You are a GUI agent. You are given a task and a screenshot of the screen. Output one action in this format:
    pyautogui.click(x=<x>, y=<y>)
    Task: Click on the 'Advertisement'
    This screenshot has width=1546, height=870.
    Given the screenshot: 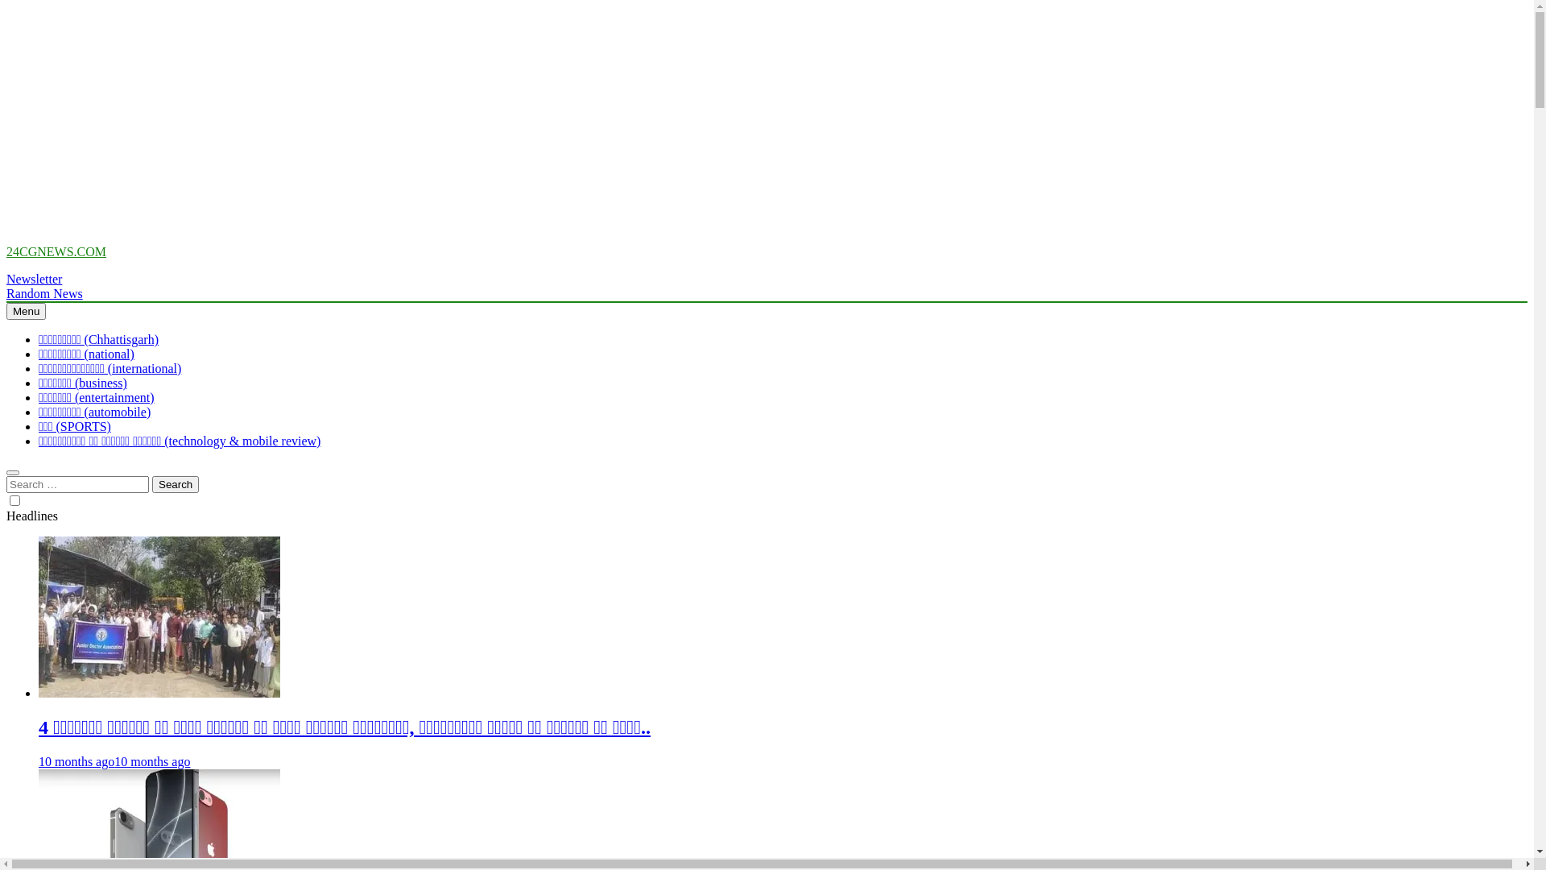 What is the action you would take?
    pyautogui.click(x=489, y=118)
    